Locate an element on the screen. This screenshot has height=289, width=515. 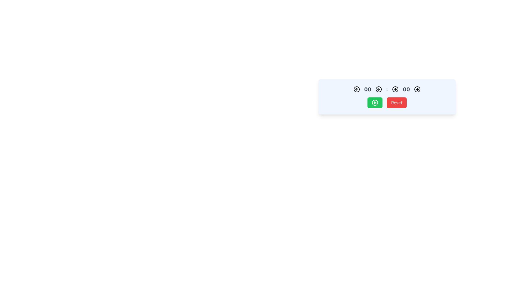
the green button with a white play icon located near the center-bottom of the layout is located at coordinates (375, 103).